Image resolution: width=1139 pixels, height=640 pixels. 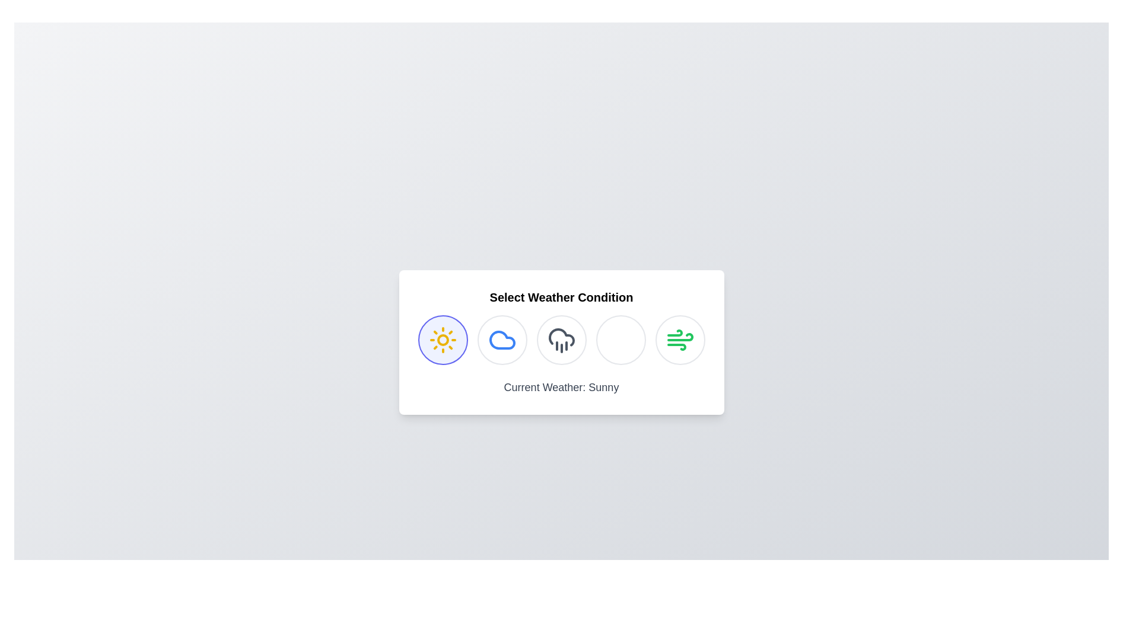 What do you see at coordinates (675, 333) in the screenshot?
I see `the wind motion icon, which is a small green curved arrow located at the rightmost side of a set of weather condition icons` at bounding box center [675, 333].